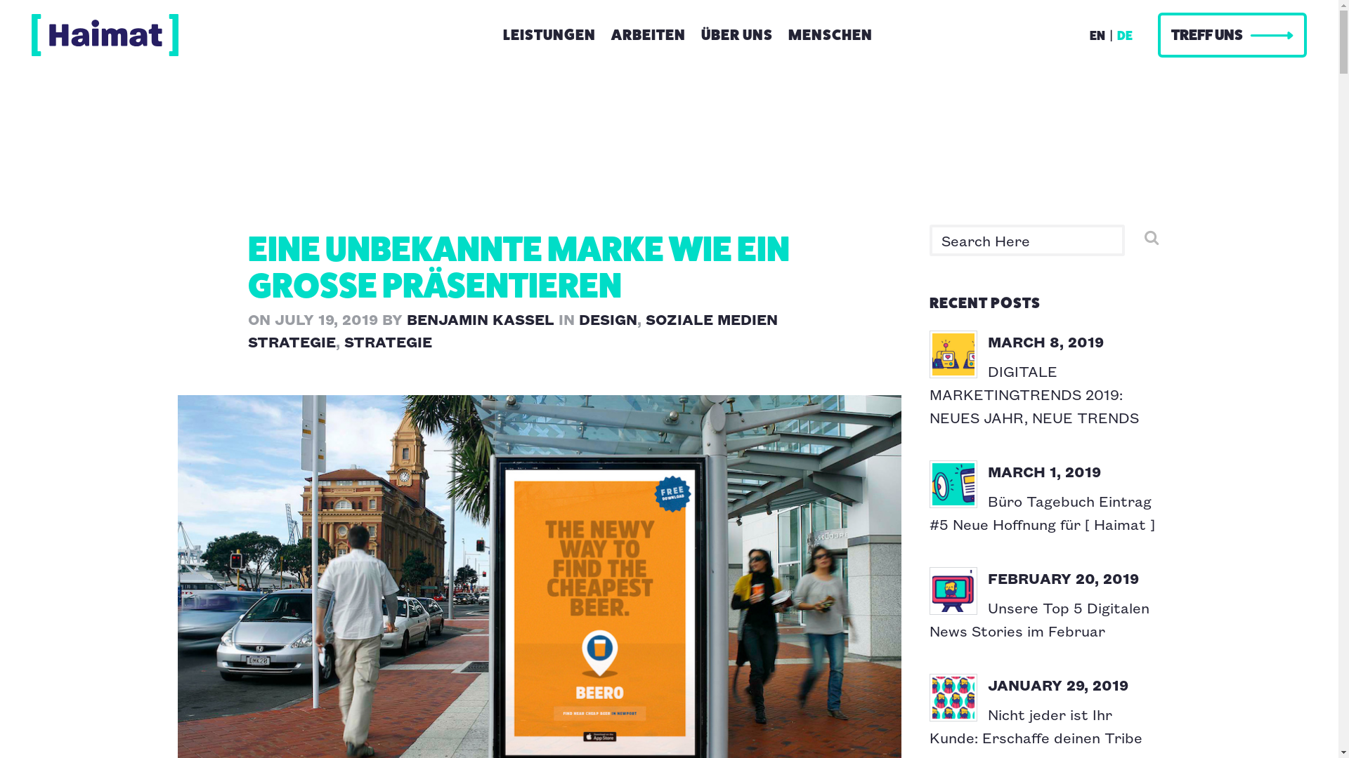 The width and height of the screenshot is (1349, 758). Describe the element at coordinates (608, 319) in the screenshot. I see `'DESIGN'` at that location.